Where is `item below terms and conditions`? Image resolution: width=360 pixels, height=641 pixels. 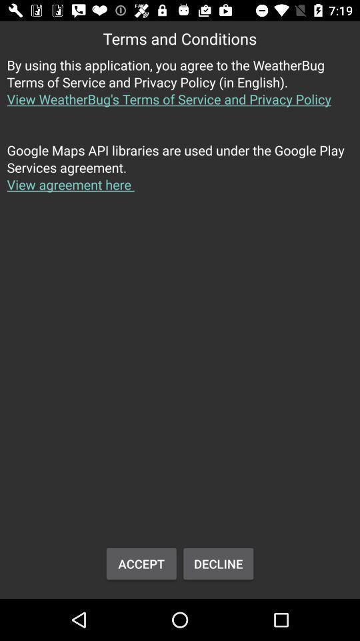
item below terms and conditions is located at coordinates (180, 89).